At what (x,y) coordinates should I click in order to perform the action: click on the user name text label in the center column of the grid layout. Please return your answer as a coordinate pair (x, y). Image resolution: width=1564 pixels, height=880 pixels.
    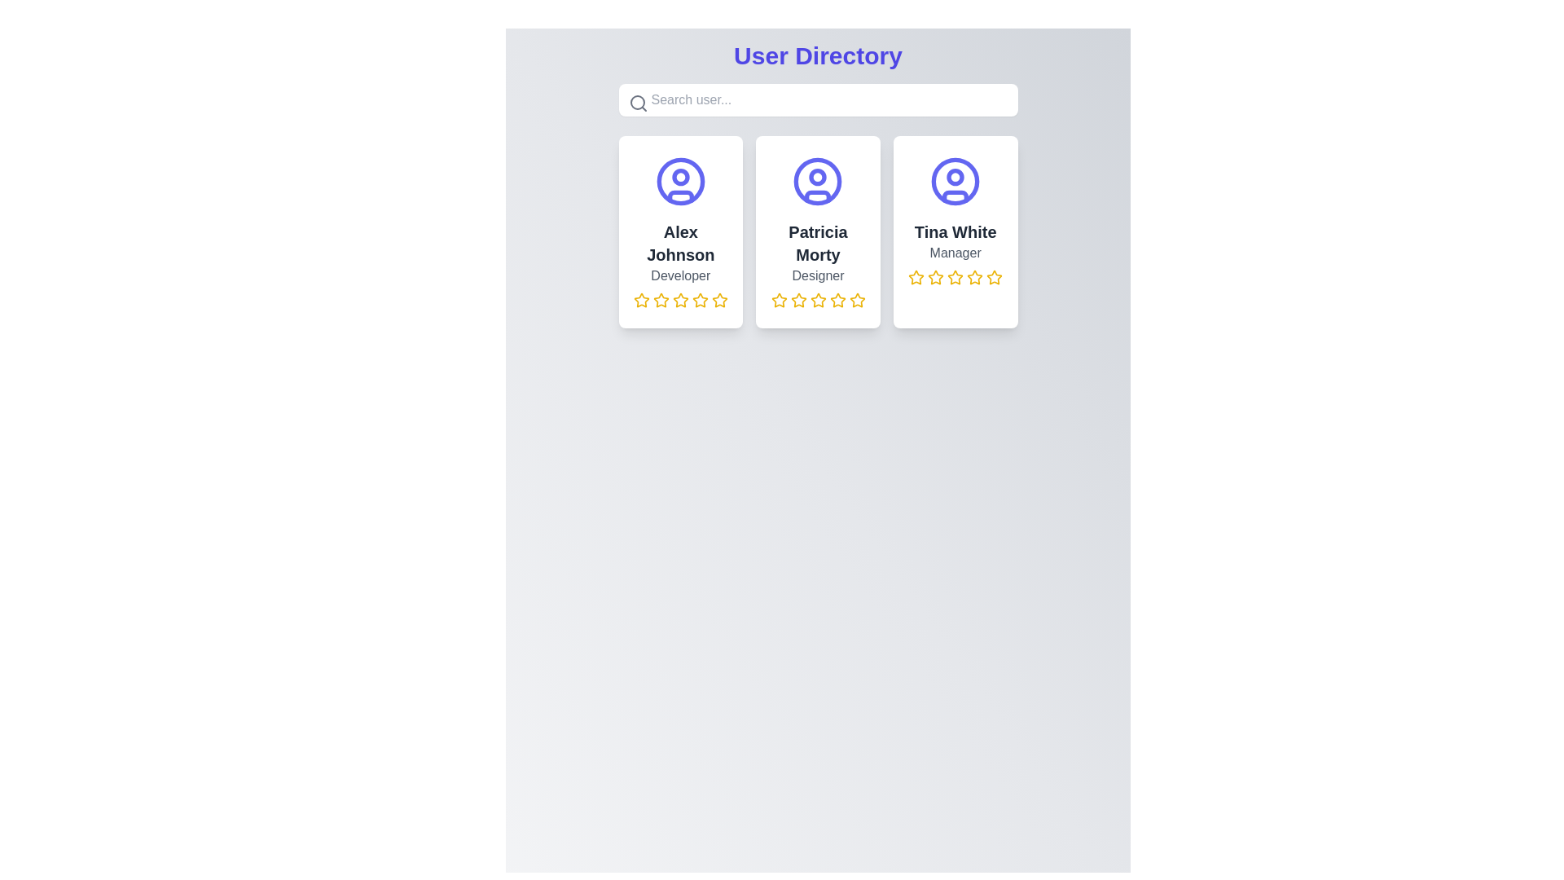
    Looking at the image, I should click on (818, 244).